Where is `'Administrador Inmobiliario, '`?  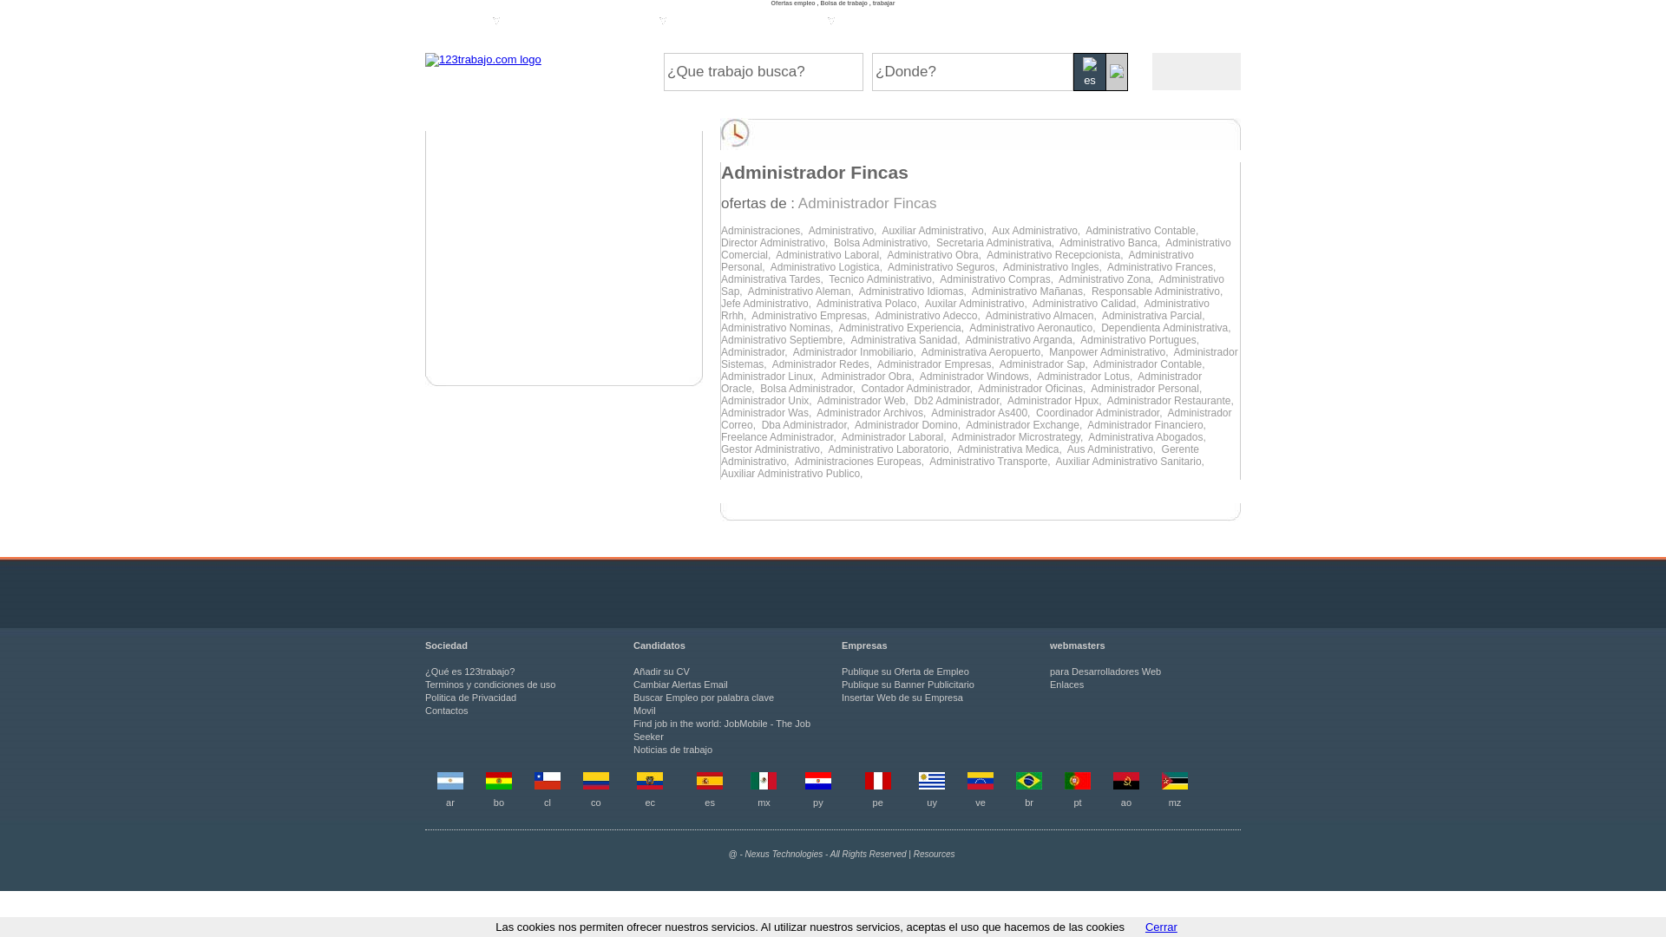
'Administrador Inmobiliario, ' is located at coordinates (791, 351).